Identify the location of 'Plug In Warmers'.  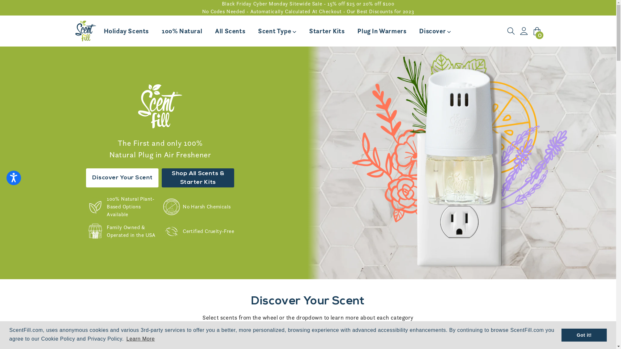
(382, 31).